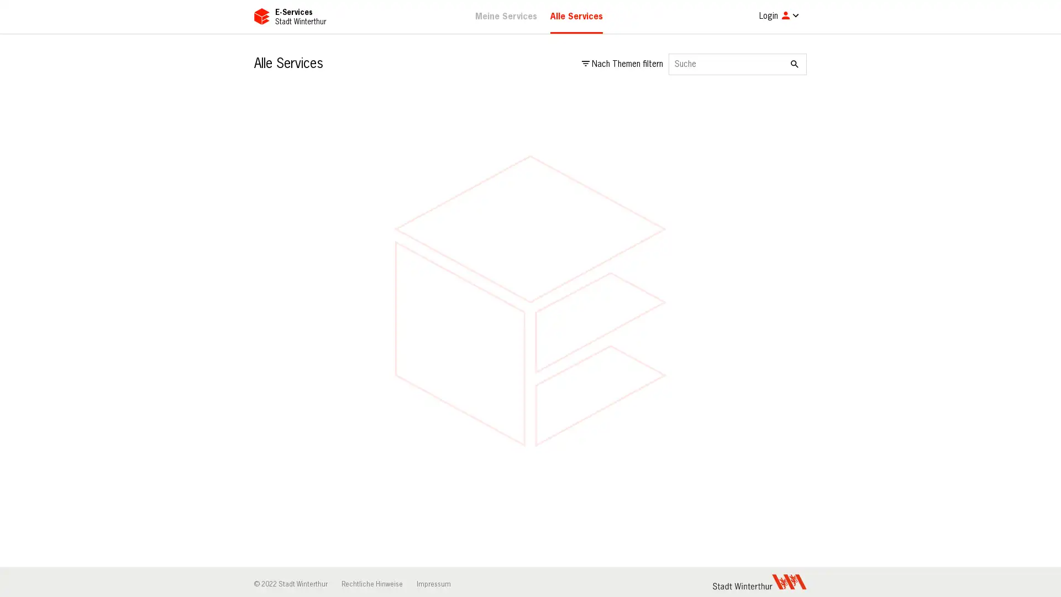 The image size is (1061, 597). What do you see at coordinates (414, 464) in the screenshot?
I see `Service Bargeldlos parkieren zu Meine Services hinzufugen` at bounding box center [414, 464].